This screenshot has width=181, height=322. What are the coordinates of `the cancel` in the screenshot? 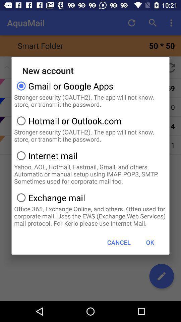 It's located at (118, 242).